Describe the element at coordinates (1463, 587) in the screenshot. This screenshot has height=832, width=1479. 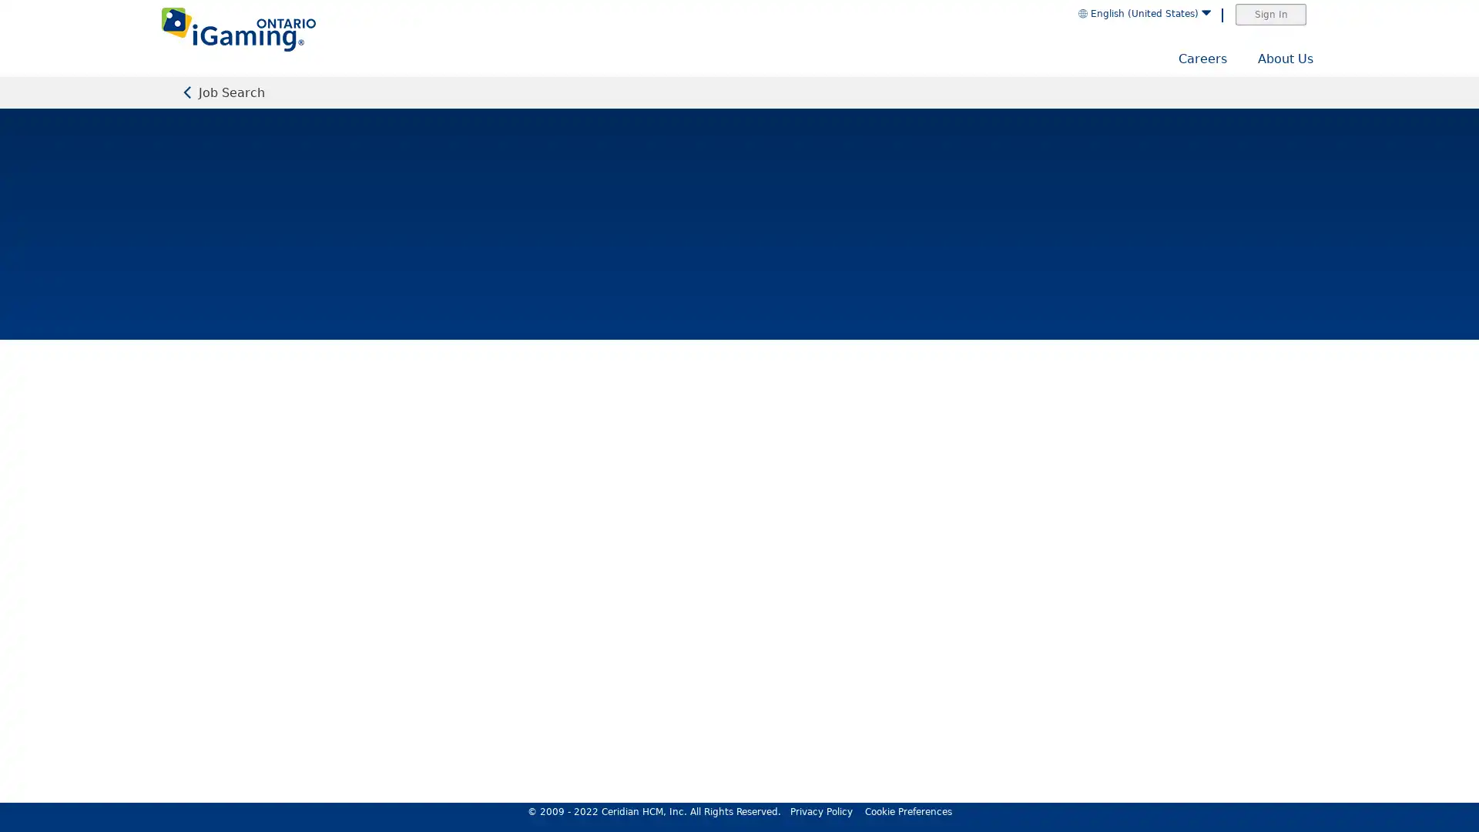
I see `Cancel` at that location.